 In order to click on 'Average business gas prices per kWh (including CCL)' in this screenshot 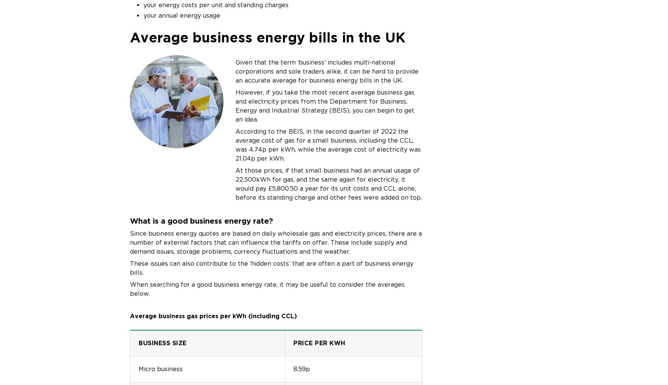, I will do `click(213, 316)`.